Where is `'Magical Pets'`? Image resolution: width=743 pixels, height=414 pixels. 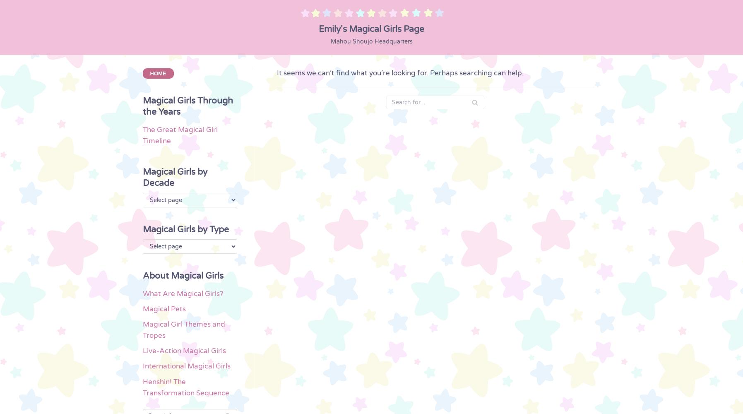
'Magical Pets' is located at coordinates (164, 308).